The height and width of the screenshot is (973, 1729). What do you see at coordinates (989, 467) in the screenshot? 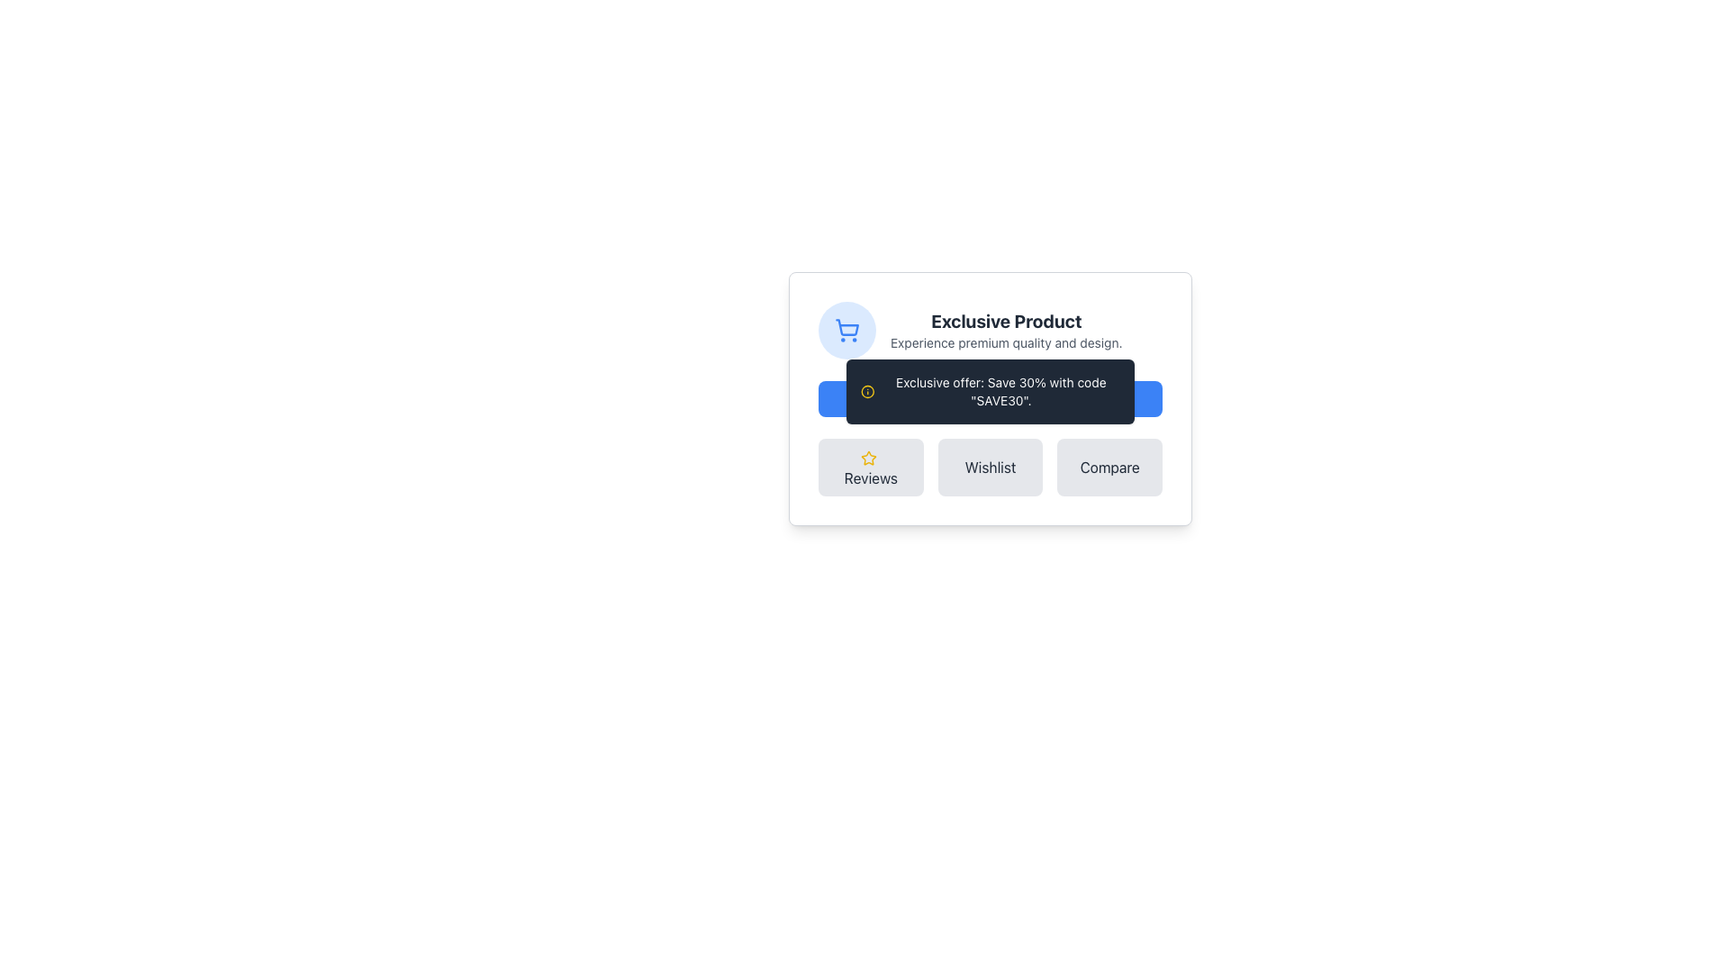
I see `the 'Wishlist' button, which is a rectangular button with rounded edges, light gray background, and dark gray text, located in the bottom middle section of the interface` at bounding box center [989, 467].